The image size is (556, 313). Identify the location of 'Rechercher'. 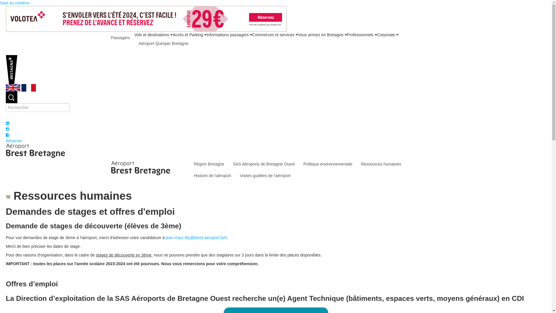
(11, 97).